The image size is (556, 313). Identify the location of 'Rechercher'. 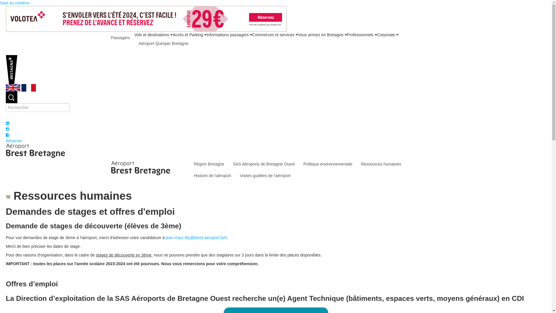
(11, 97).